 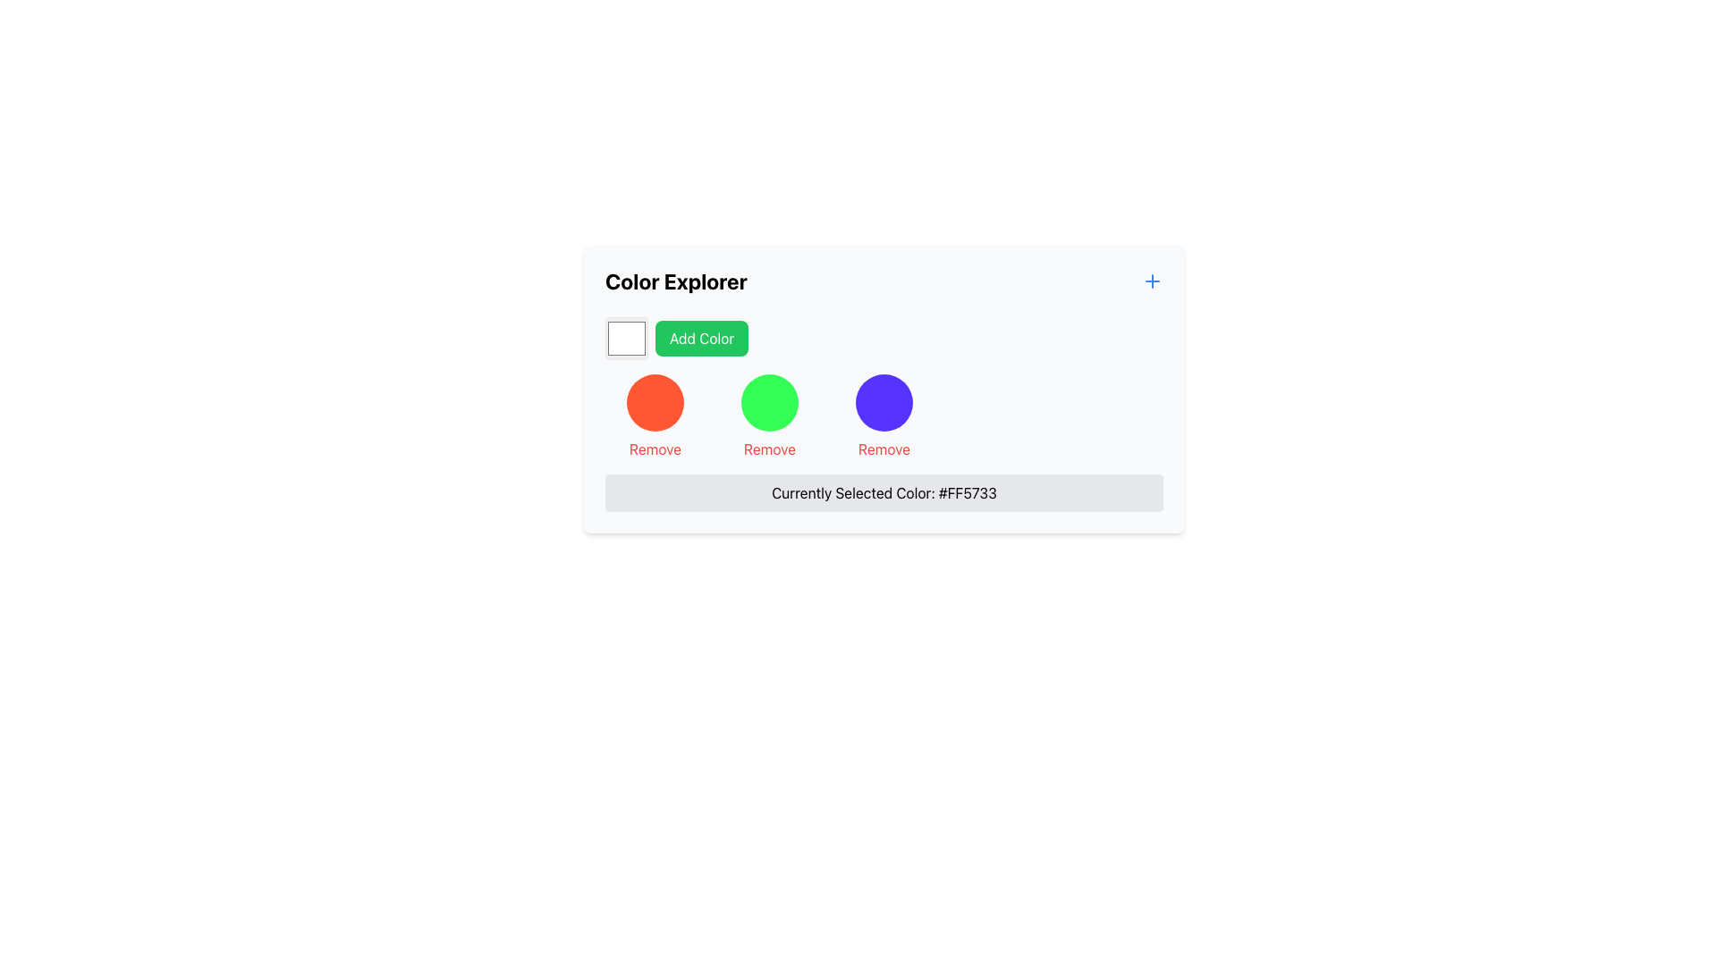 What do you see at coordinates (701, 338) in the screenshot?
I see `the 'Add Color' button located immediately to the right of the square color input field in the top-left section of the interface, below the 'Color Explorer' heading` at bounding box center [701, 338].